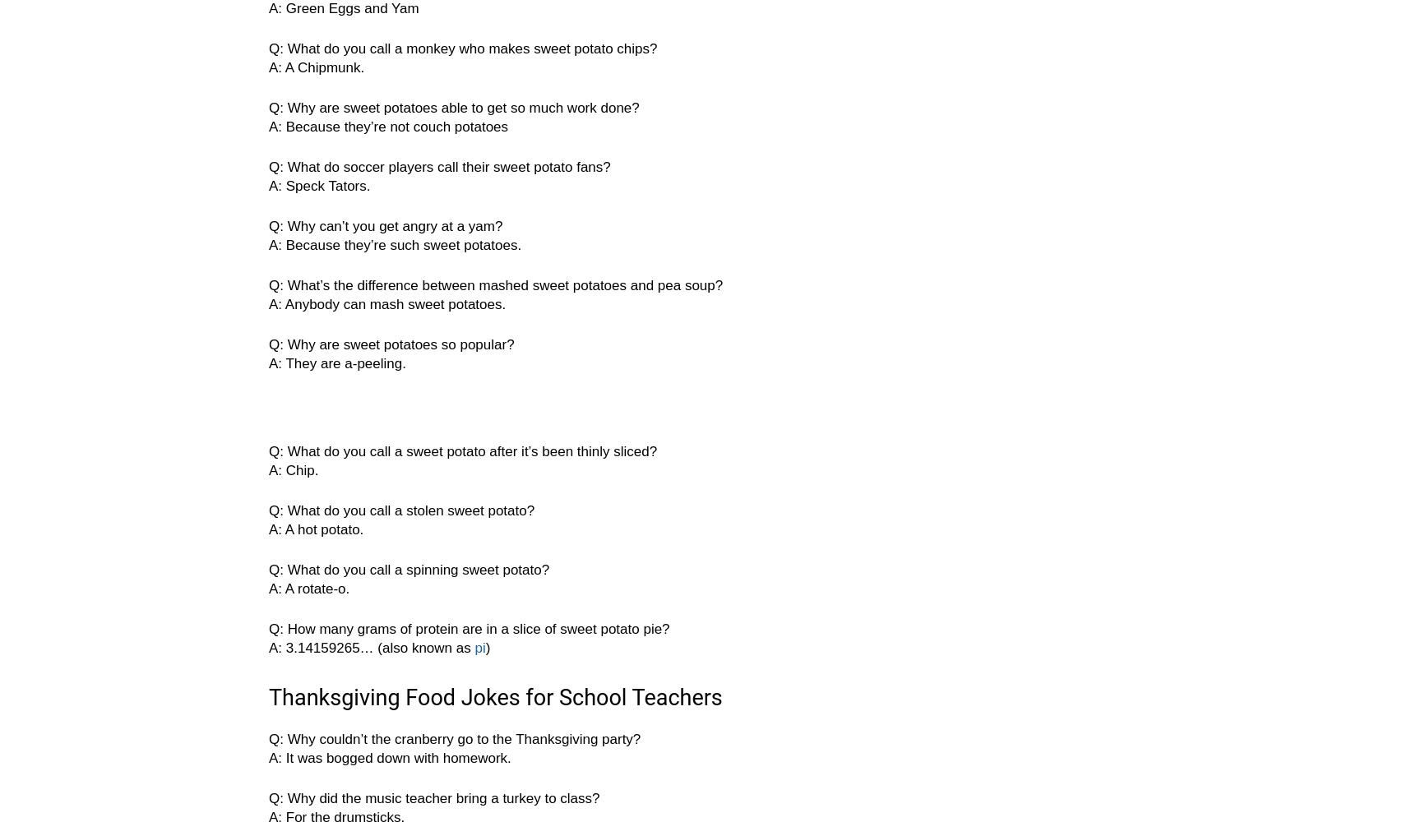 The image size is (1416, 822). Describe the element at coordinates (268, 363) in the screenshot. I see `'A: They are a-peeling.'` at that location.